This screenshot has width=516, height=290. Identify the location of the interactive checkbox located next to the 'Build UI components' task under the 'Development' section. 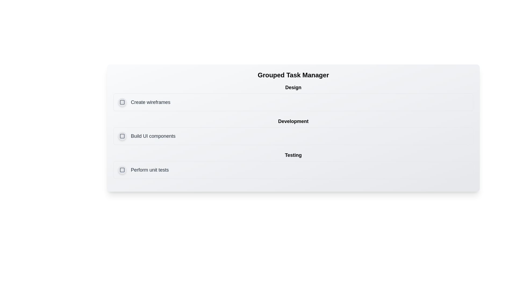
(122, 136).